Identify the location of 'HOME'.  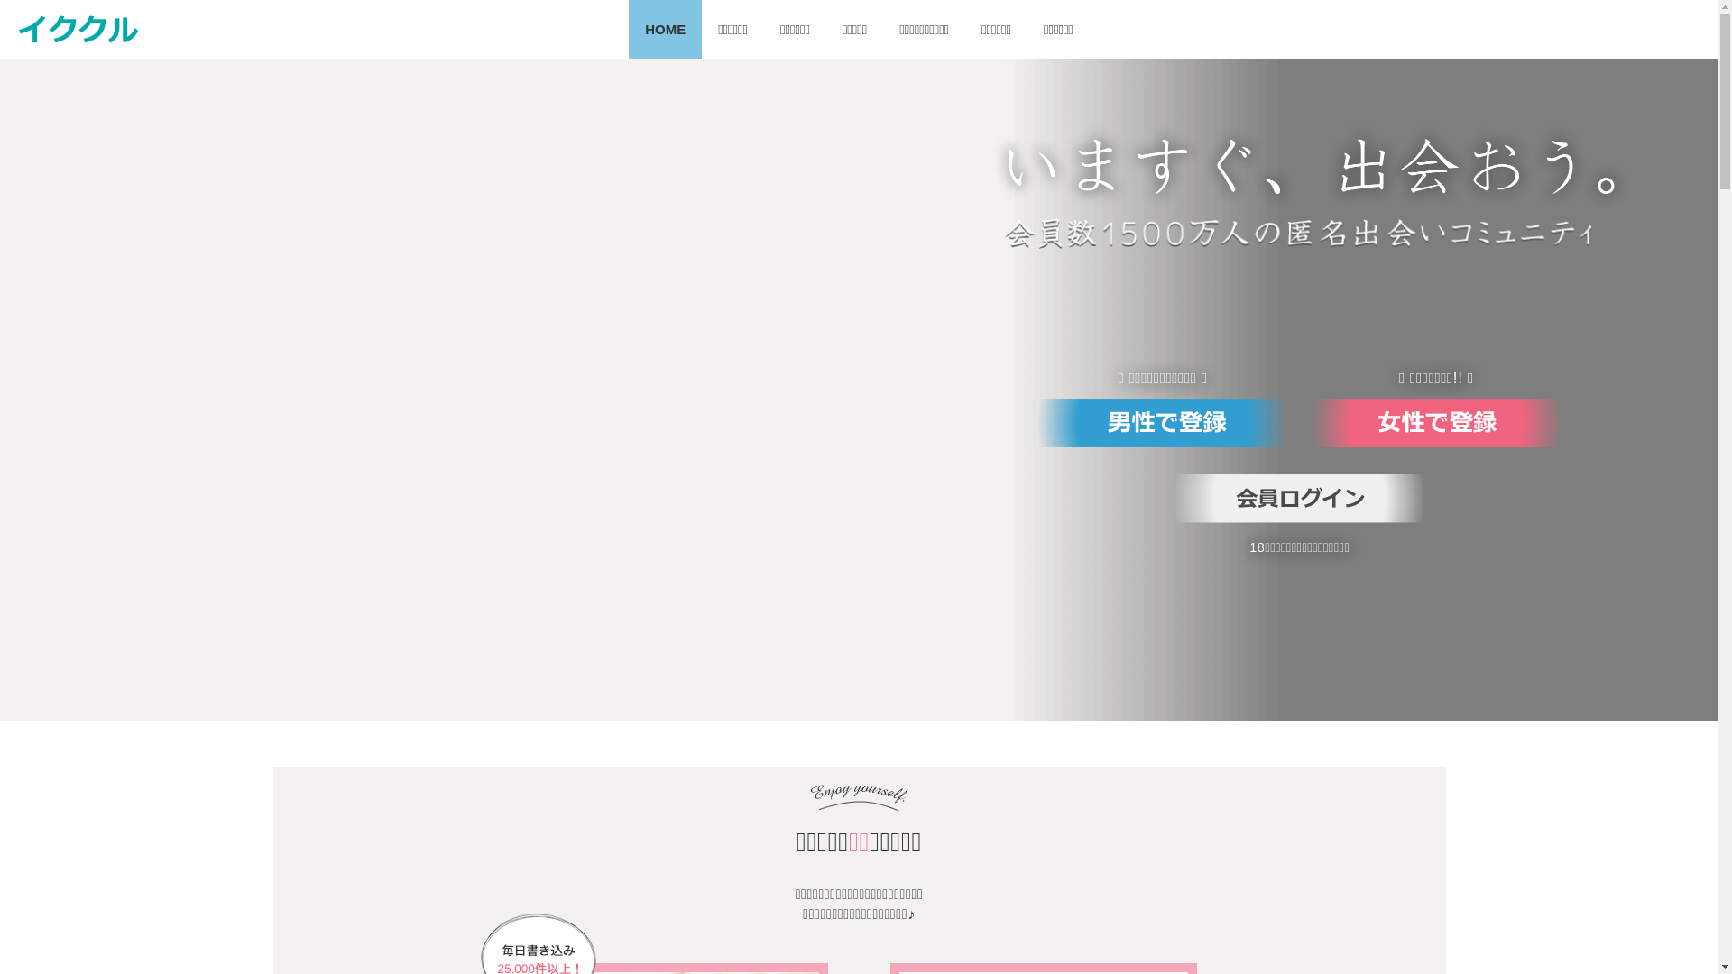
(664, 29).